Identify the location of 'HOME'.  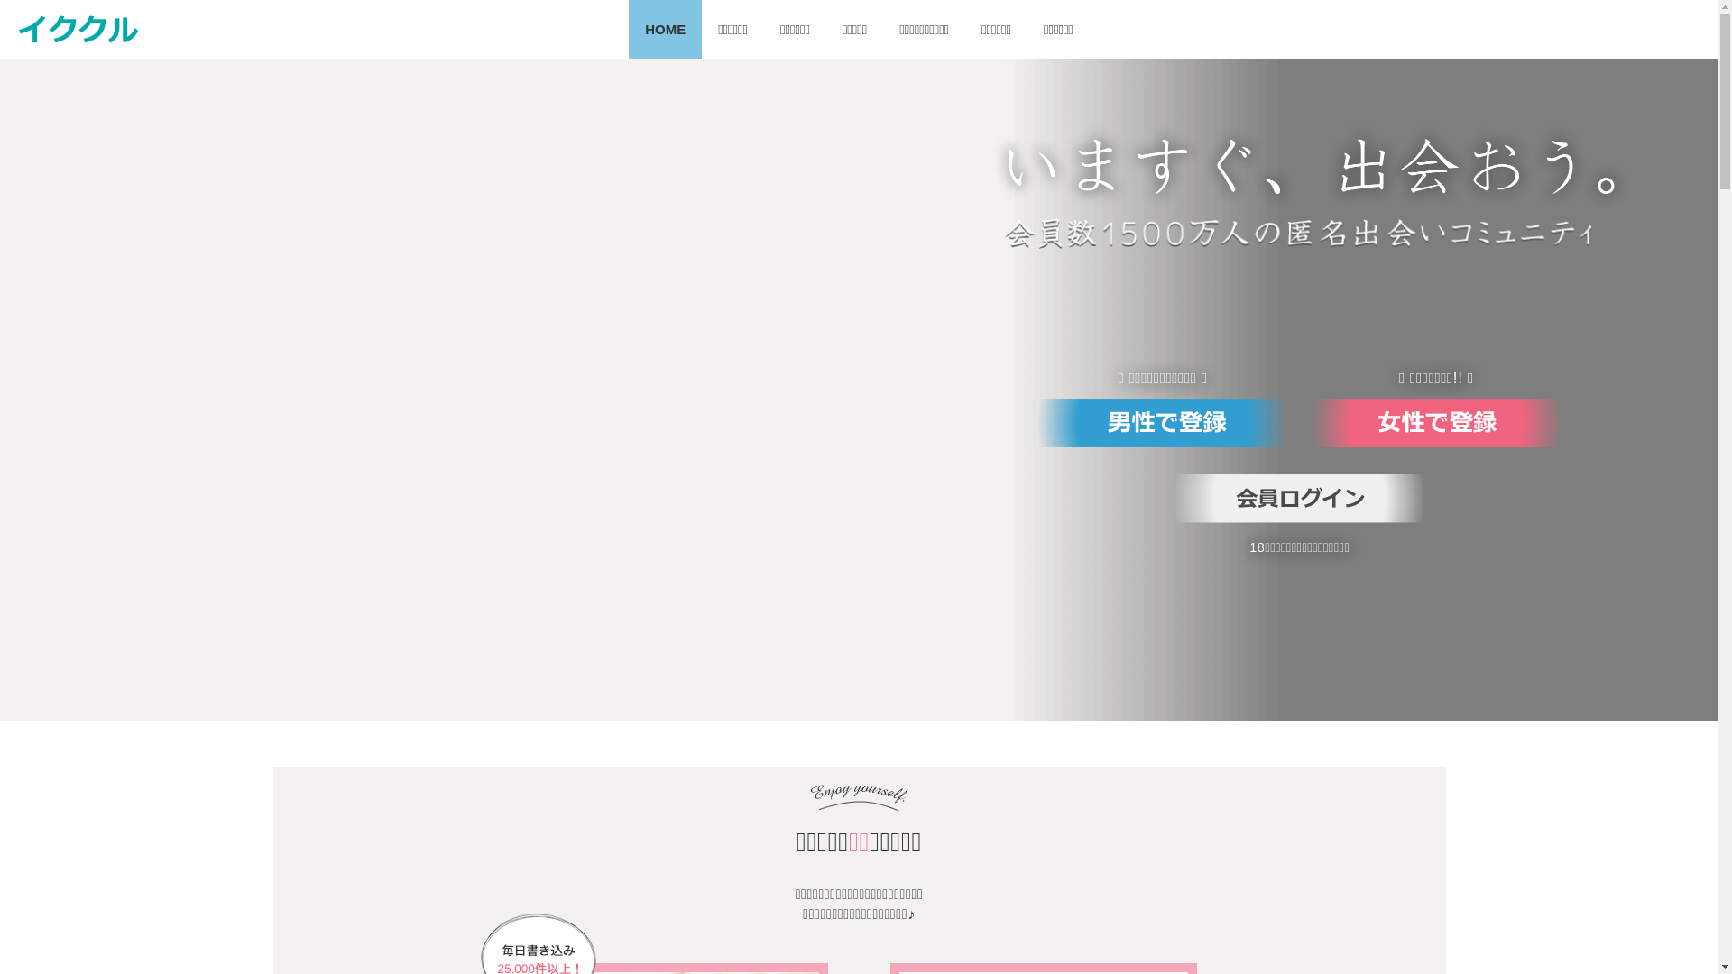
(664, 29).